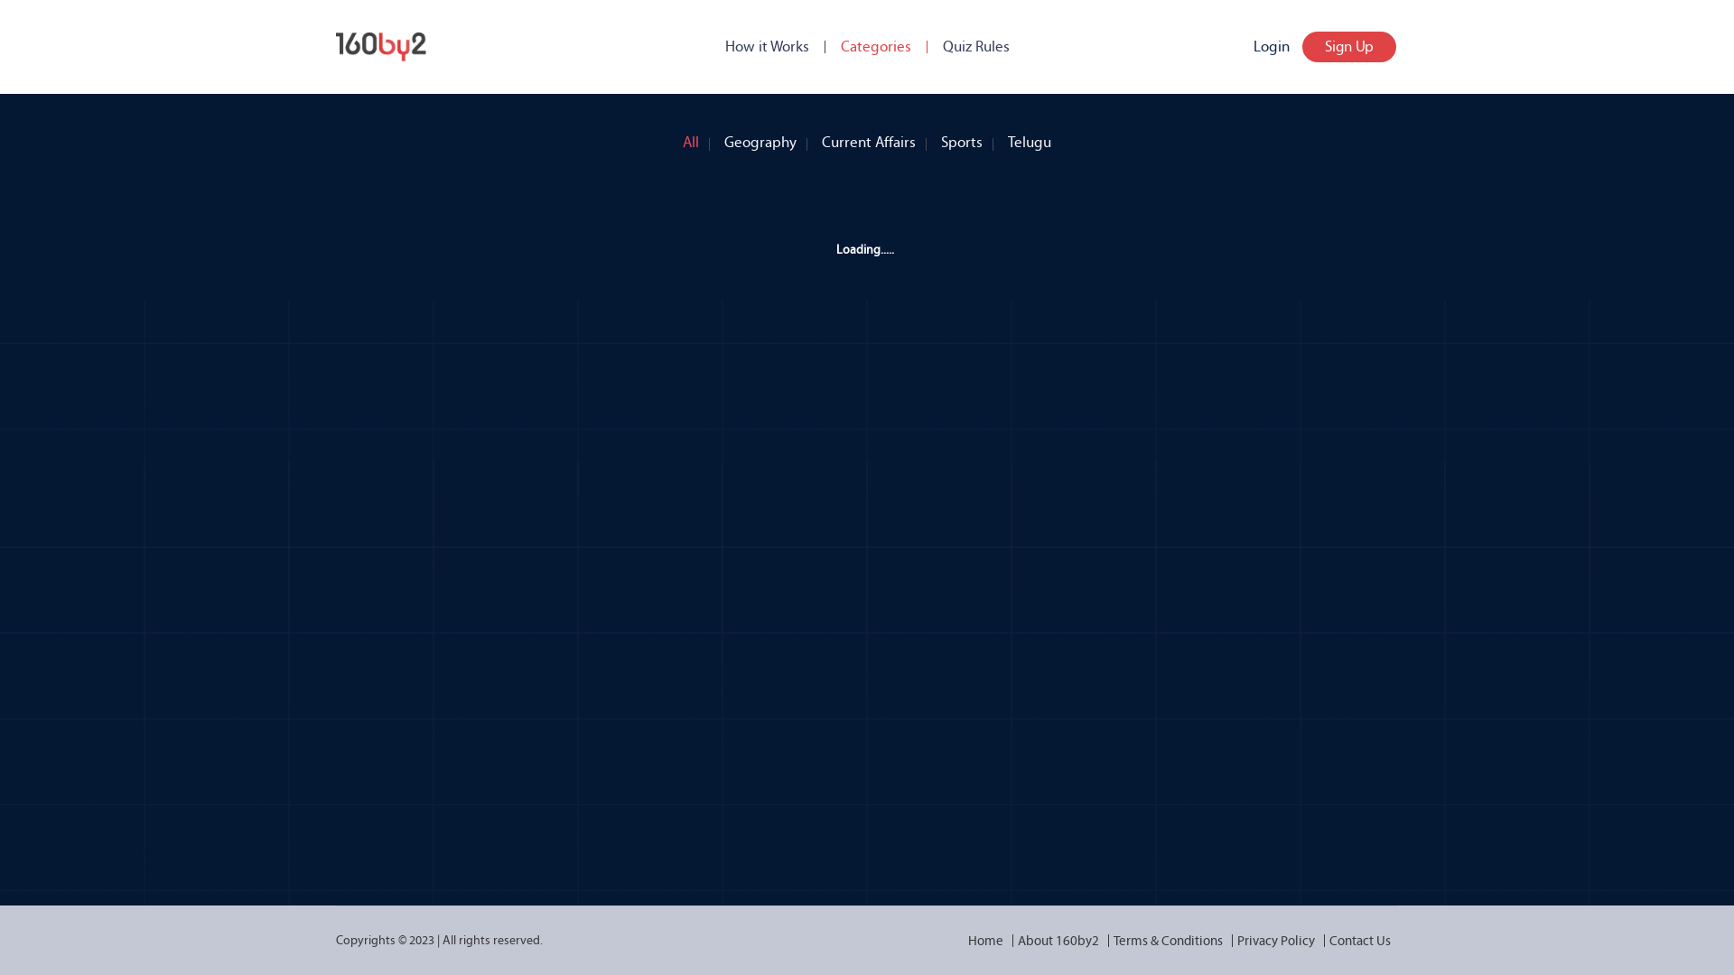  I want to click on 'Contact Us', so click(1360, 939).